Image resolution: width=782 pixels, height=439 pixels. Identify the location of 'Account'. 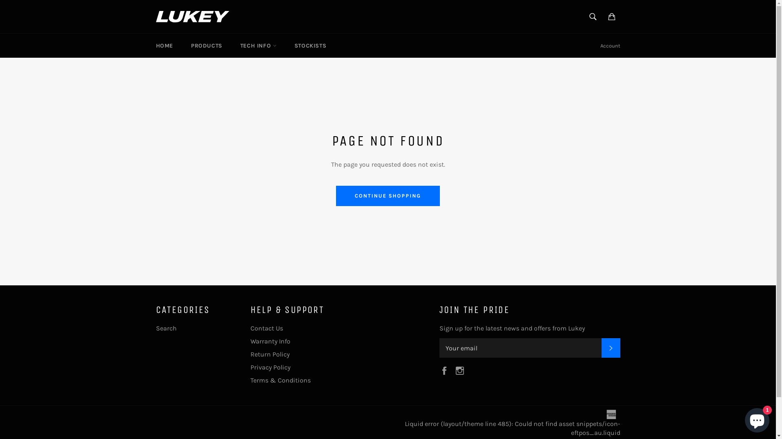
(610, 46).